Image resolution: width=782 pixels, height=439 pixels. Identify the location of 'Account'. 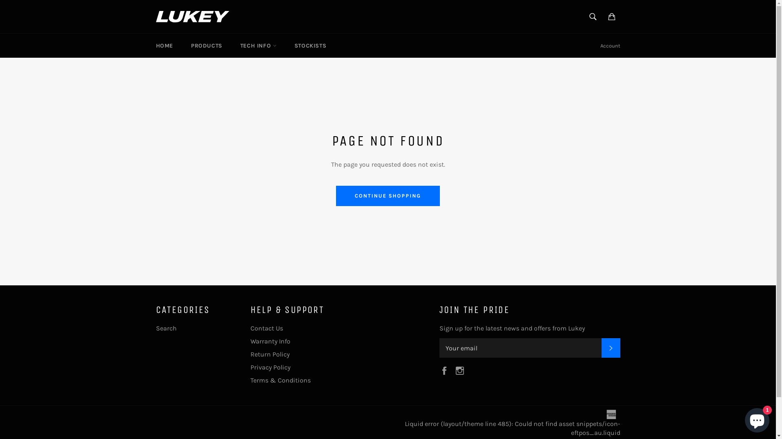
(610, 46).